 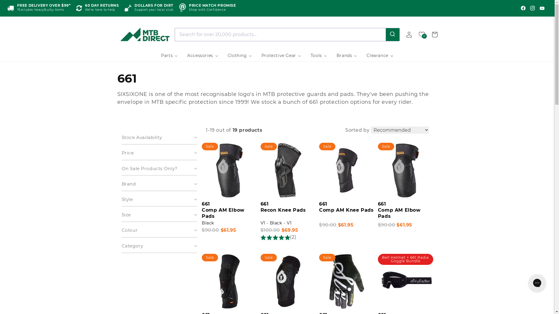 I want to click on 'FREE DELIVERY OVER $99*, so click(x=38, y=8).